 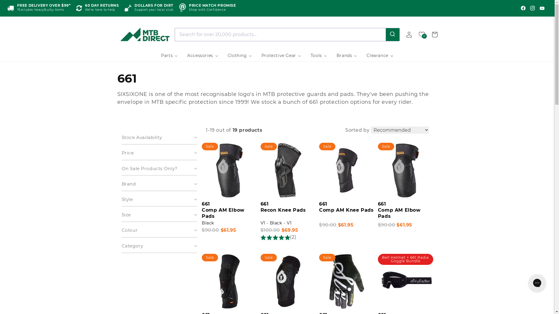 I want to click on 'FREE DELIVERY OVER $99*, so click(x=38, y=8).